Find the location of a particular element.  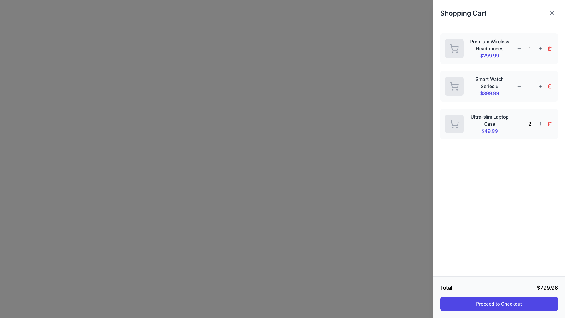

the Icon button (trash bin symbol) associated with the 'Smart Watch Series 5' item in the shopping cart to indicate interactivity is located at coordinates (549, 86).